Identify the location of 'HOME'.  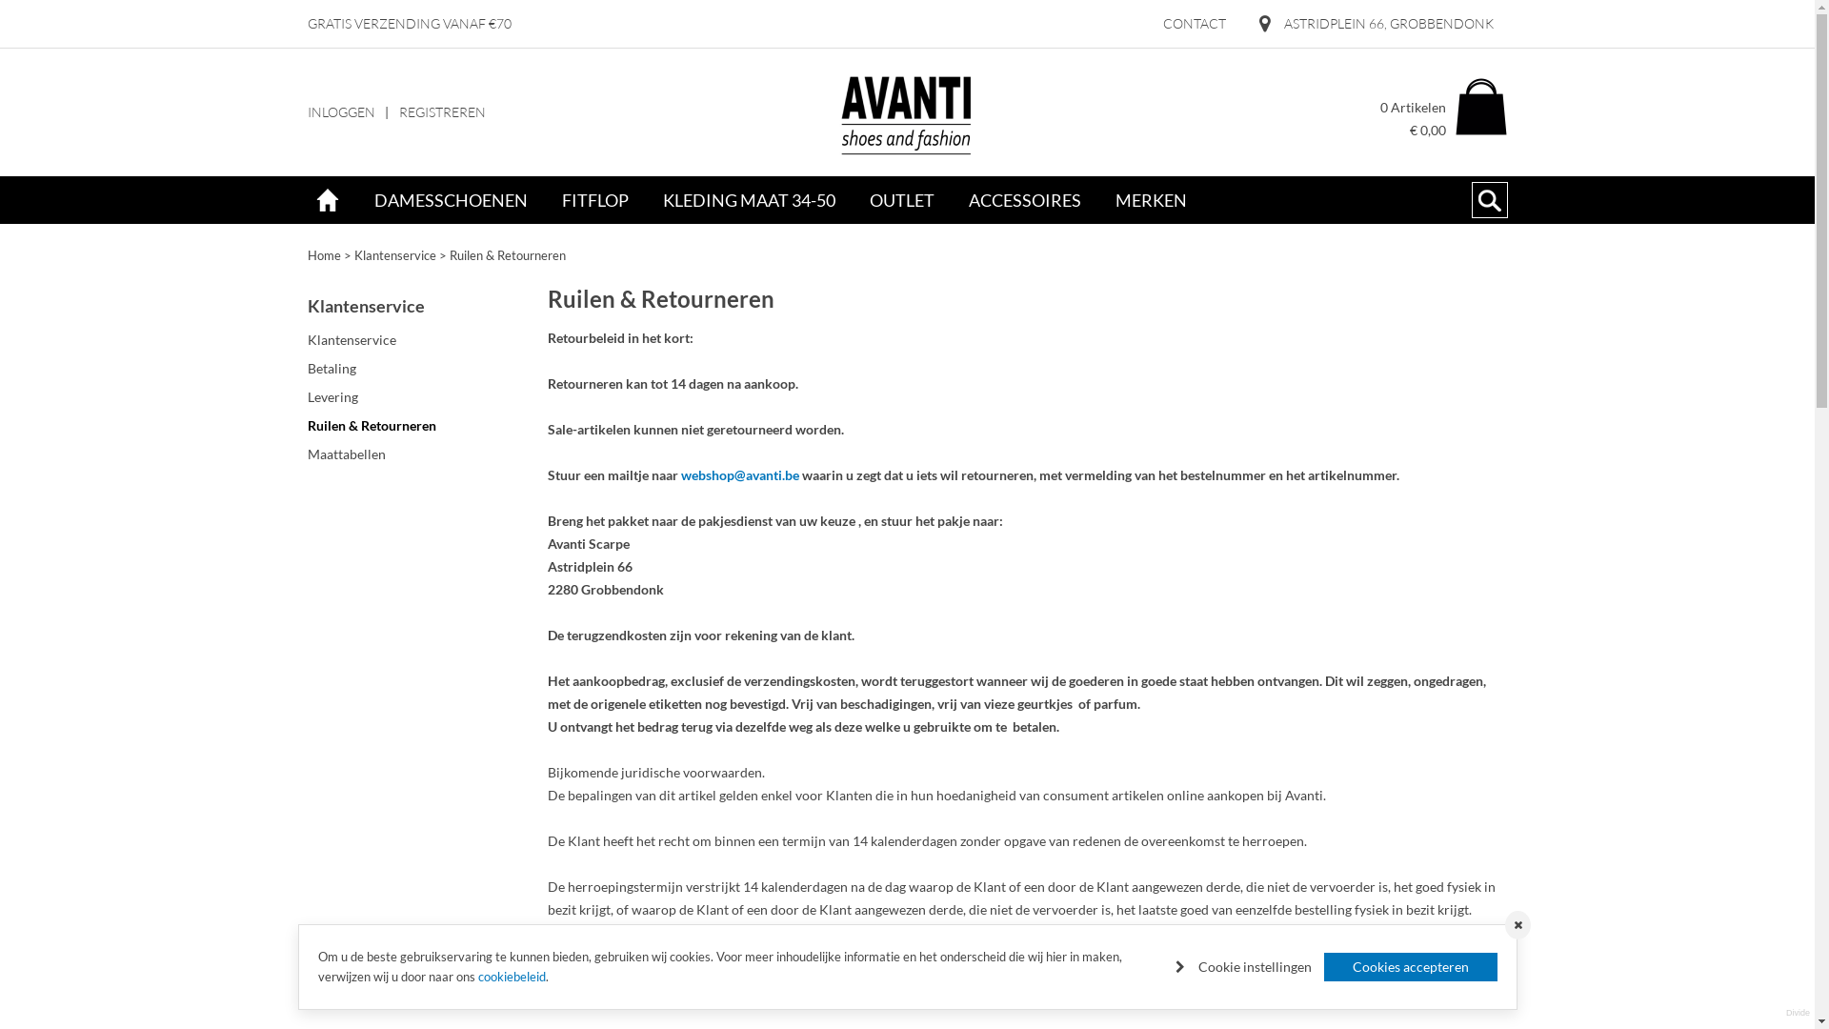
(326, 200).